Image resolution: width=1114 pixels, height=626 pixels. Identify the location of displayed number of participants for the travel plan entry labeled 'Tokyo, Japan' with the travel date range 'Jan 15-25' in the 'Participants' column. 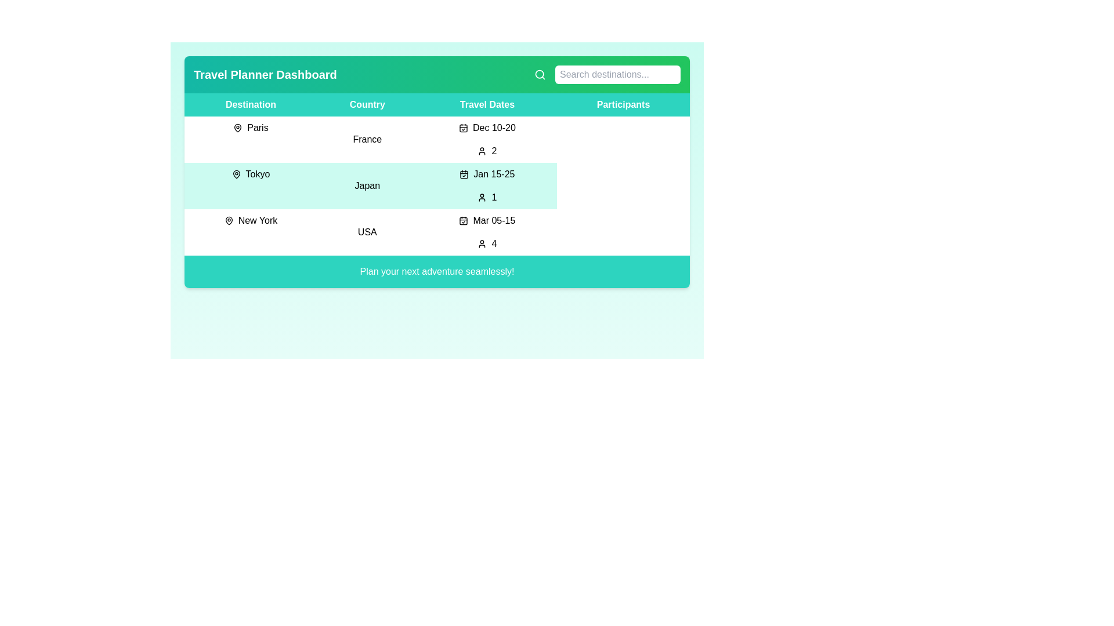
(487, 196).